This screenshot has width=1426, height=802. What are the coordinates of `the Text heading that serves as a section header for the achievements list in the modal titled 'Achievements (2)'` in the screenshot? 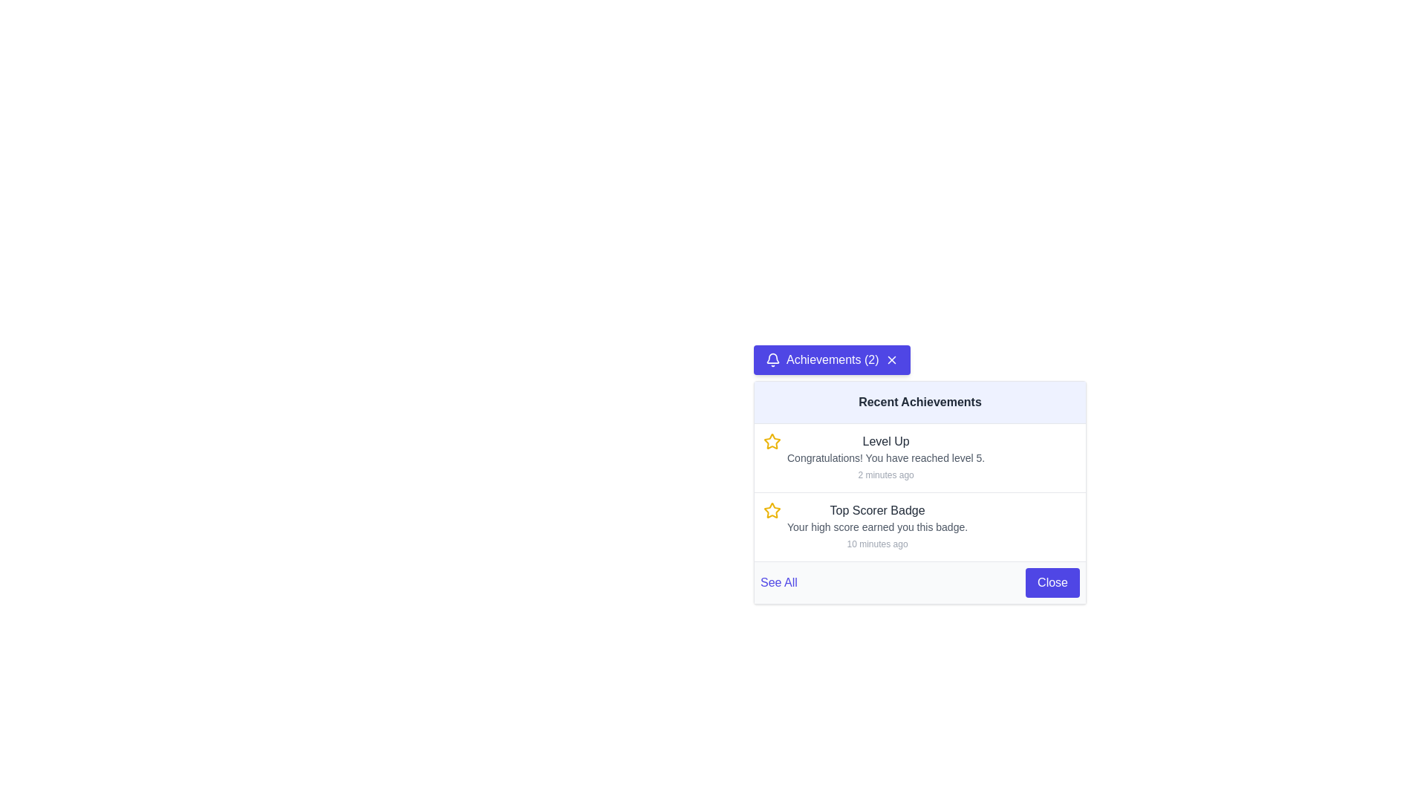 It's located at (919, 402).